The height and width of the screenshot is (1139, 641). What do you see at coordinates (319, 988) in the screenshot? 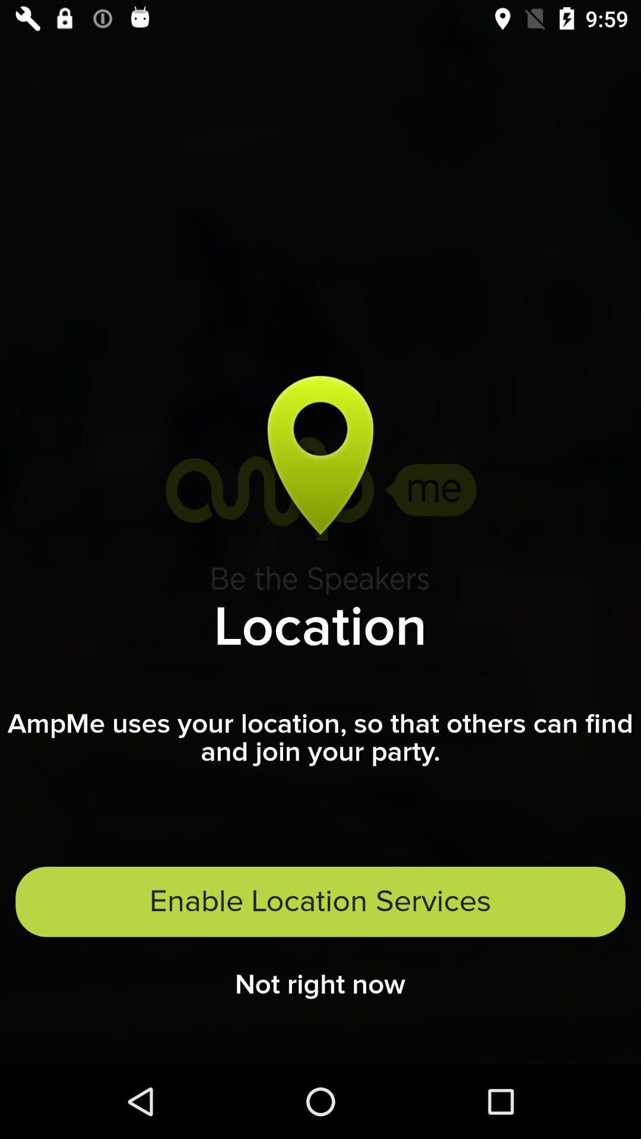
I see `not right now item` at bounding box center [319, 988].